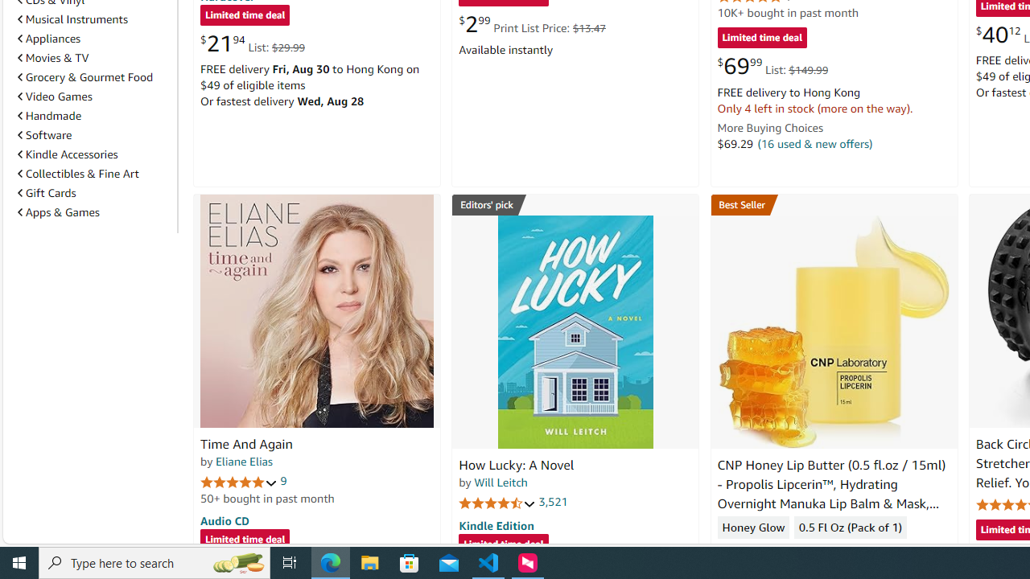 The width and height of the screenshot is (1030, 579). I want to click on '(16 used & new offers)', so click(815, 143).